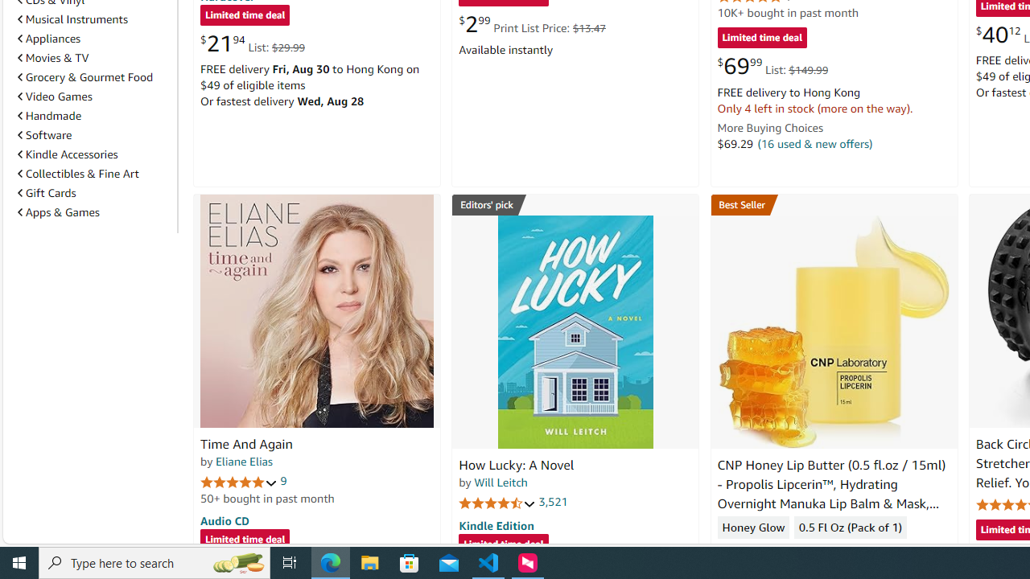 The width and height of the screenshot is (1030, 579). I want to click on '(16 used & new offers)', so click(815, 143).